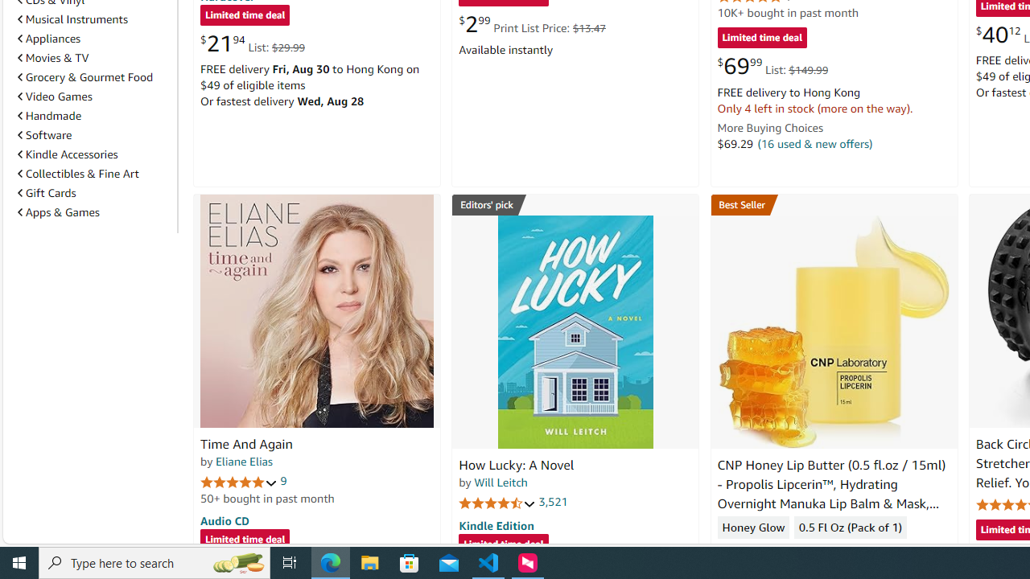 The width and height of the screenshot is (1030, 579). I want to click on '(16 used & new offers)', so click(815, 143).